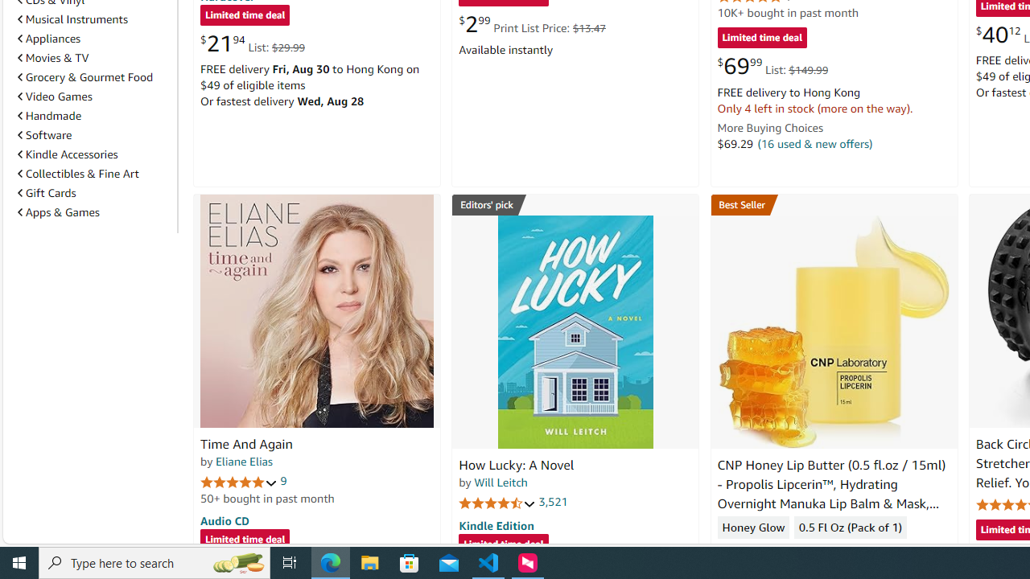 The width and height of the screenshot is (1030, 579). I want to click on '(16 used & new offers)', so click(815, 143).